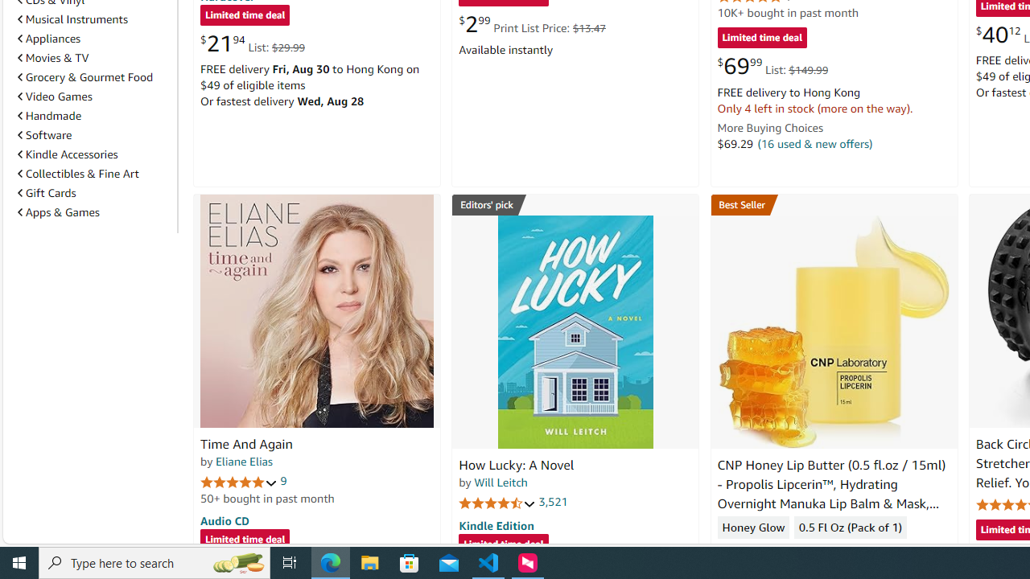 The width and height of the screenshot is (1030, 579). I want to click on '(16 used & new offers)', so click(815, 143).